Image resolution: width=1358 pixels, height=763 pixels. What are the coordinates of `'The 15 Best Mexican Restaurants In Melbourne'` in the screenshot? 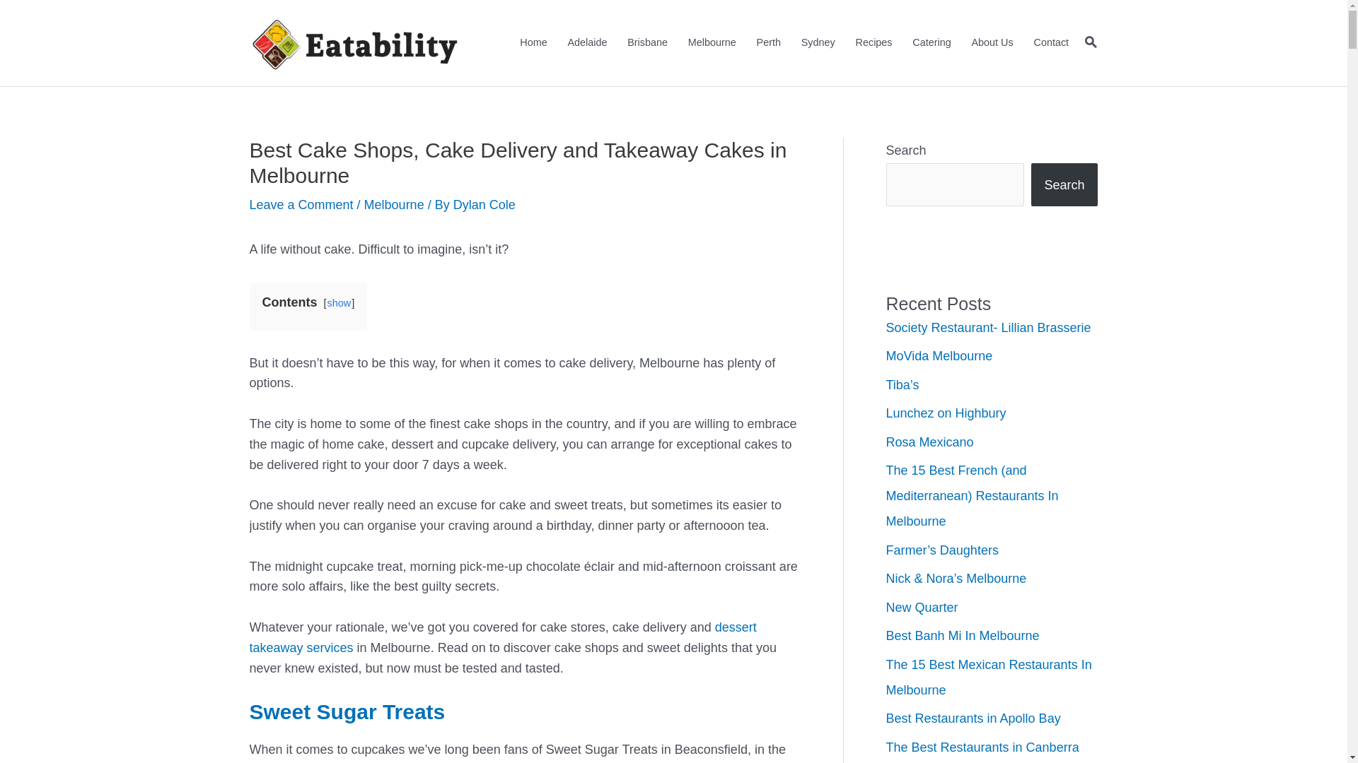 It's located at (987, 677).